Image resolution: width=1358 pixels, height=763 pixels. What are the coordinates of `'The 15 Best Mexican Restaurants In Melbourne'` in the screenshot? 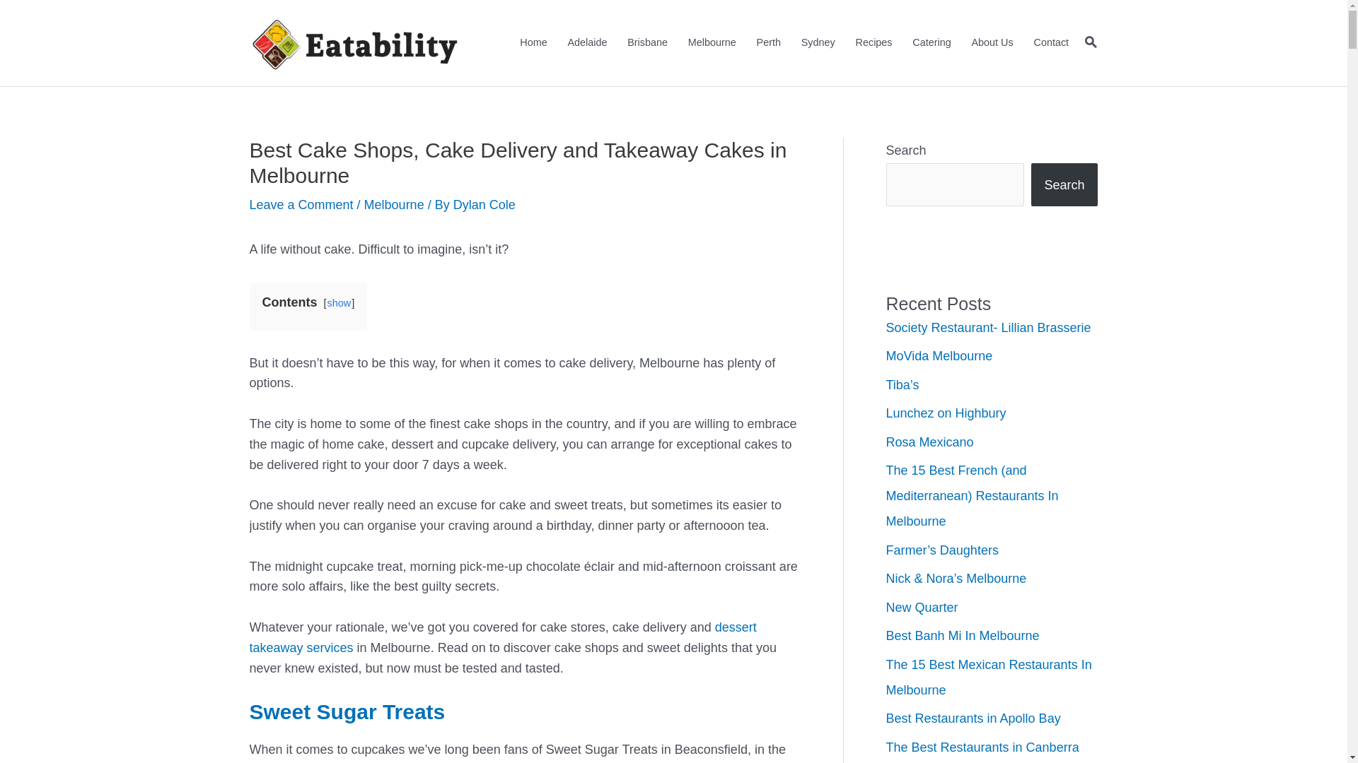 It's located at (987, 677).